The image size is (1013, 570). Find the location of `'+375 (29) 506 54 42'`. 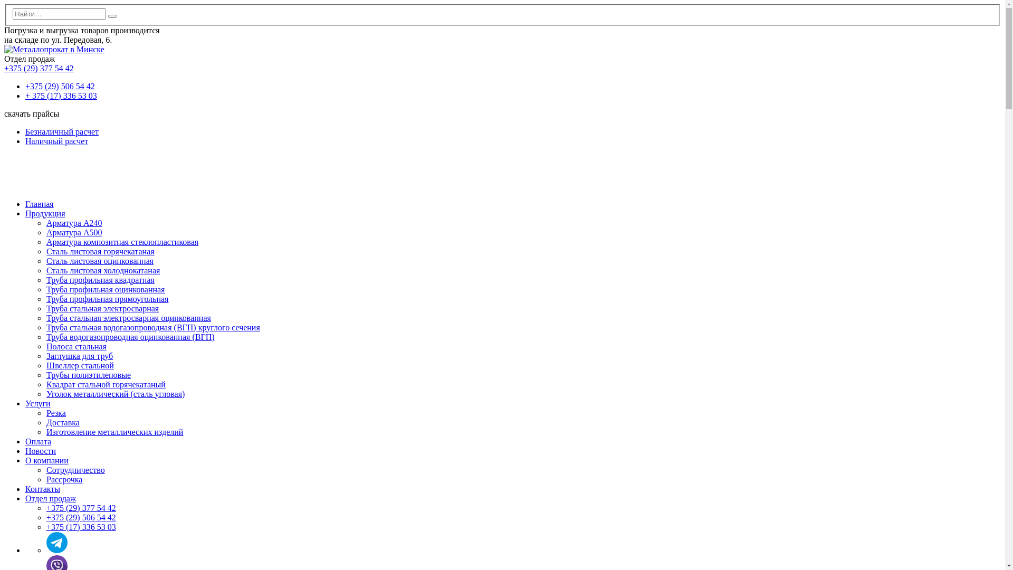

'+375 (29) 506 54 42' is located at coordinates (60, 85).